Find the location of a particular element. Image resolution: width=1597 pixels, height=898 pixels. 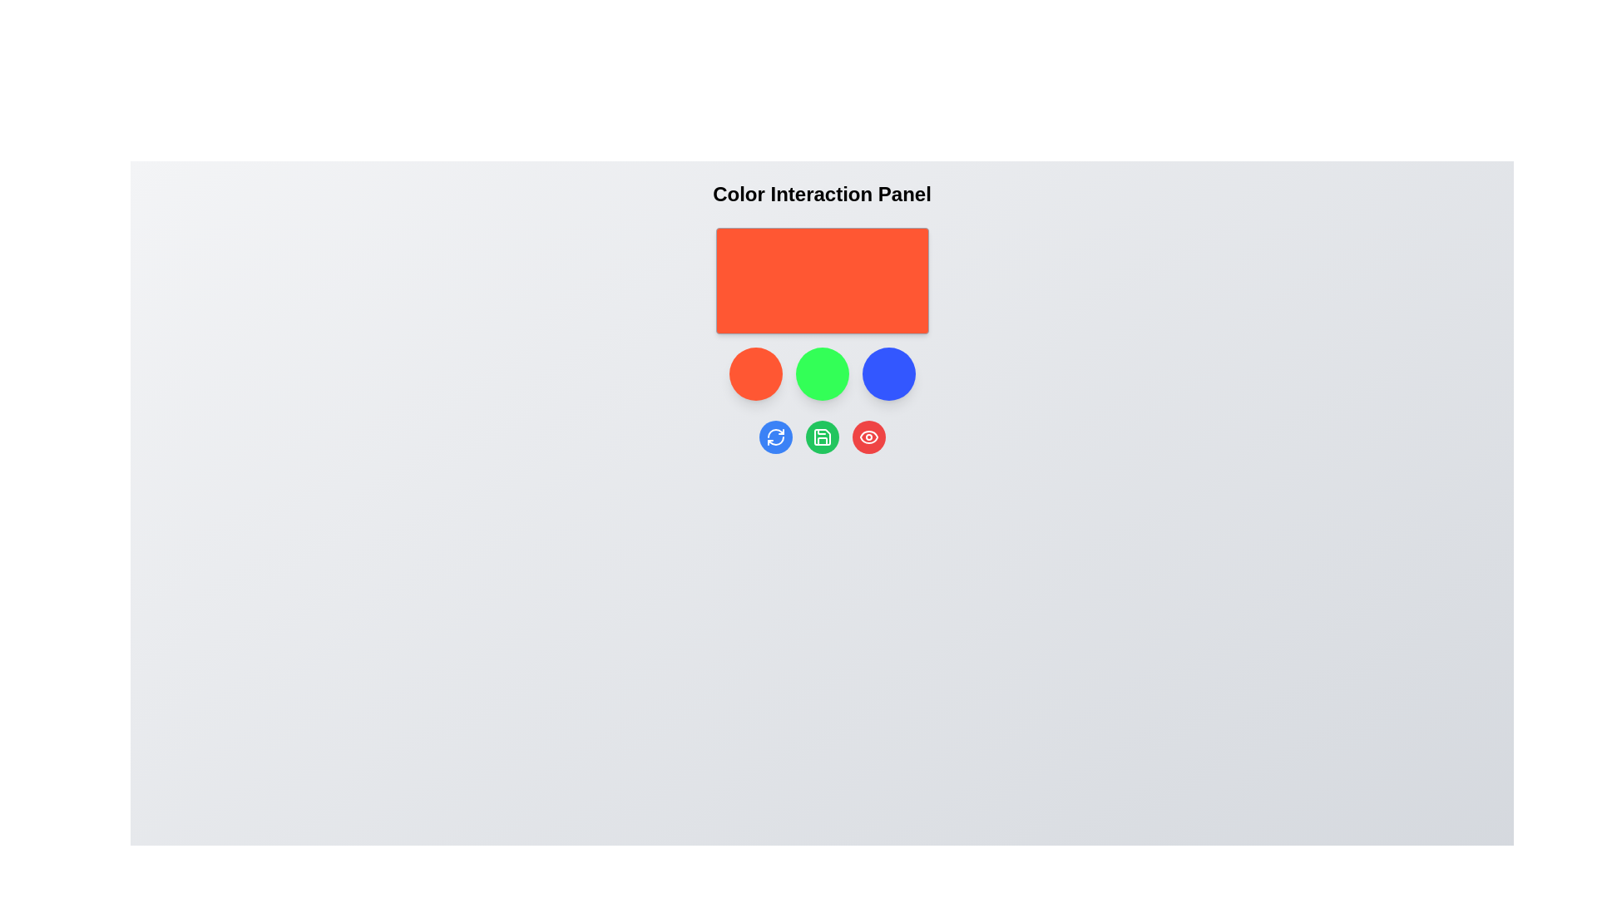

the middle save button, which is part of a horizontal group of three circular buttons, to activate an advanced save action is located at coordinates (822, 436).